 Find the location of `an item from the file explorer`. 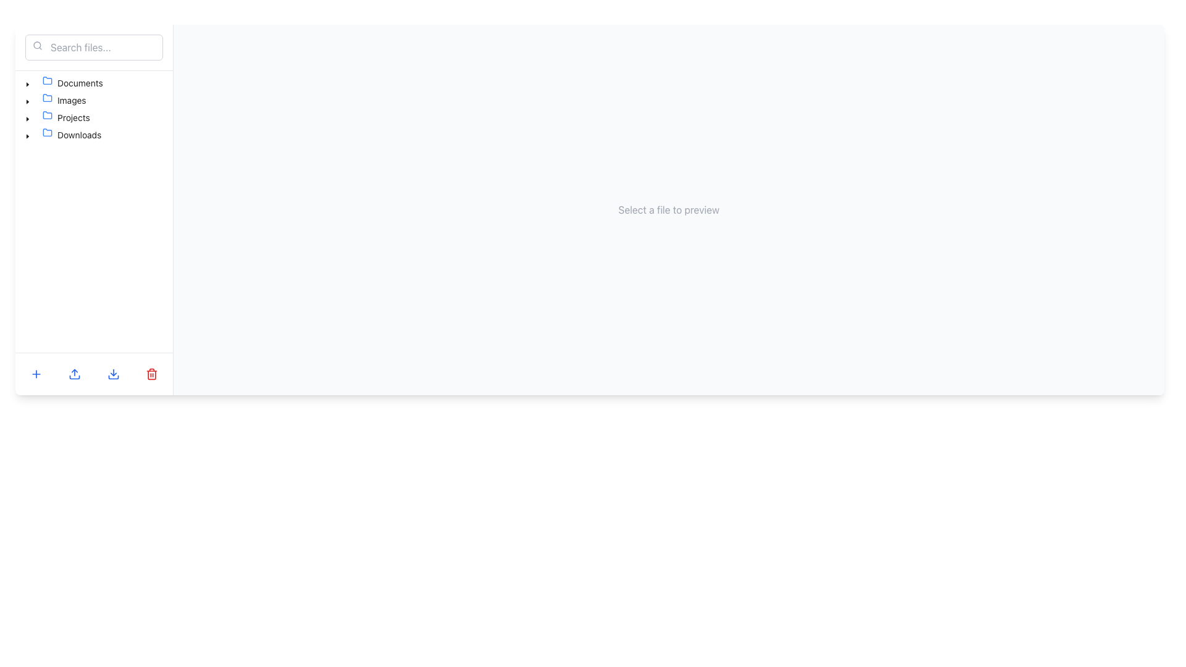

an item from the file explorer is located at coordinates (151, 373).